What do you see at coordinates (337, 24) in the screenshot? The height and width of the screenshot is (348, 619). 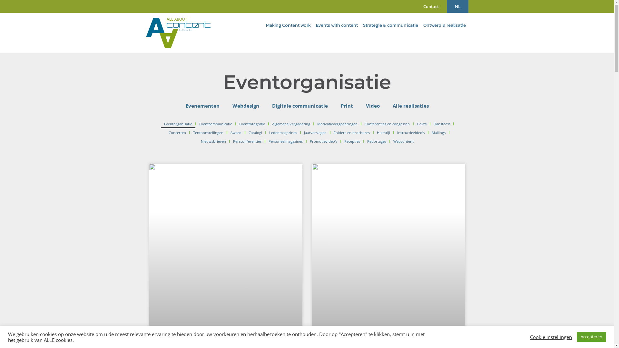 I see `'Events with content'` at bounding box center [337, 24].